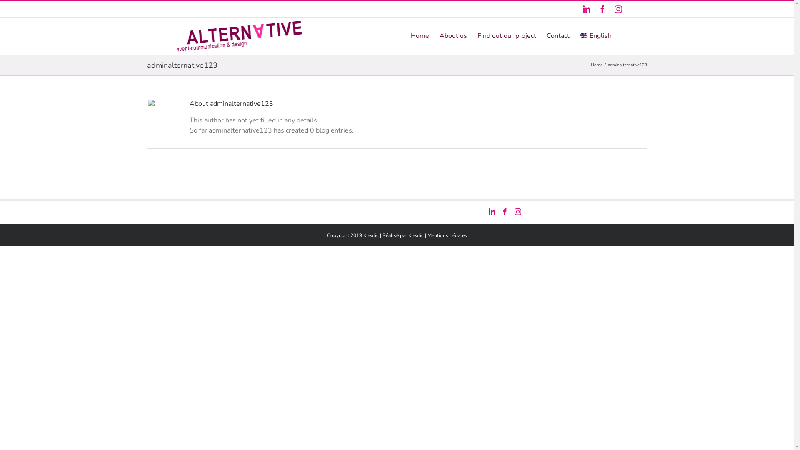 This screenshot has height=450, width=800. I want to click on 'Facebook', so click(602, 9).